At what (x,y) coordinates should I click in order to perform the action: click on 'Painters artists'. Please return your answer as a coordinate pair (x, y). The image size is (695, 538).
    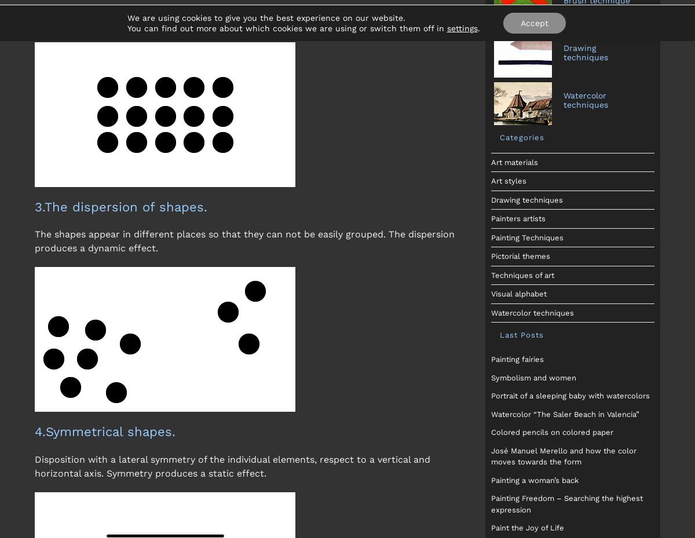
    Looking at the image, I should click on (517, 218).